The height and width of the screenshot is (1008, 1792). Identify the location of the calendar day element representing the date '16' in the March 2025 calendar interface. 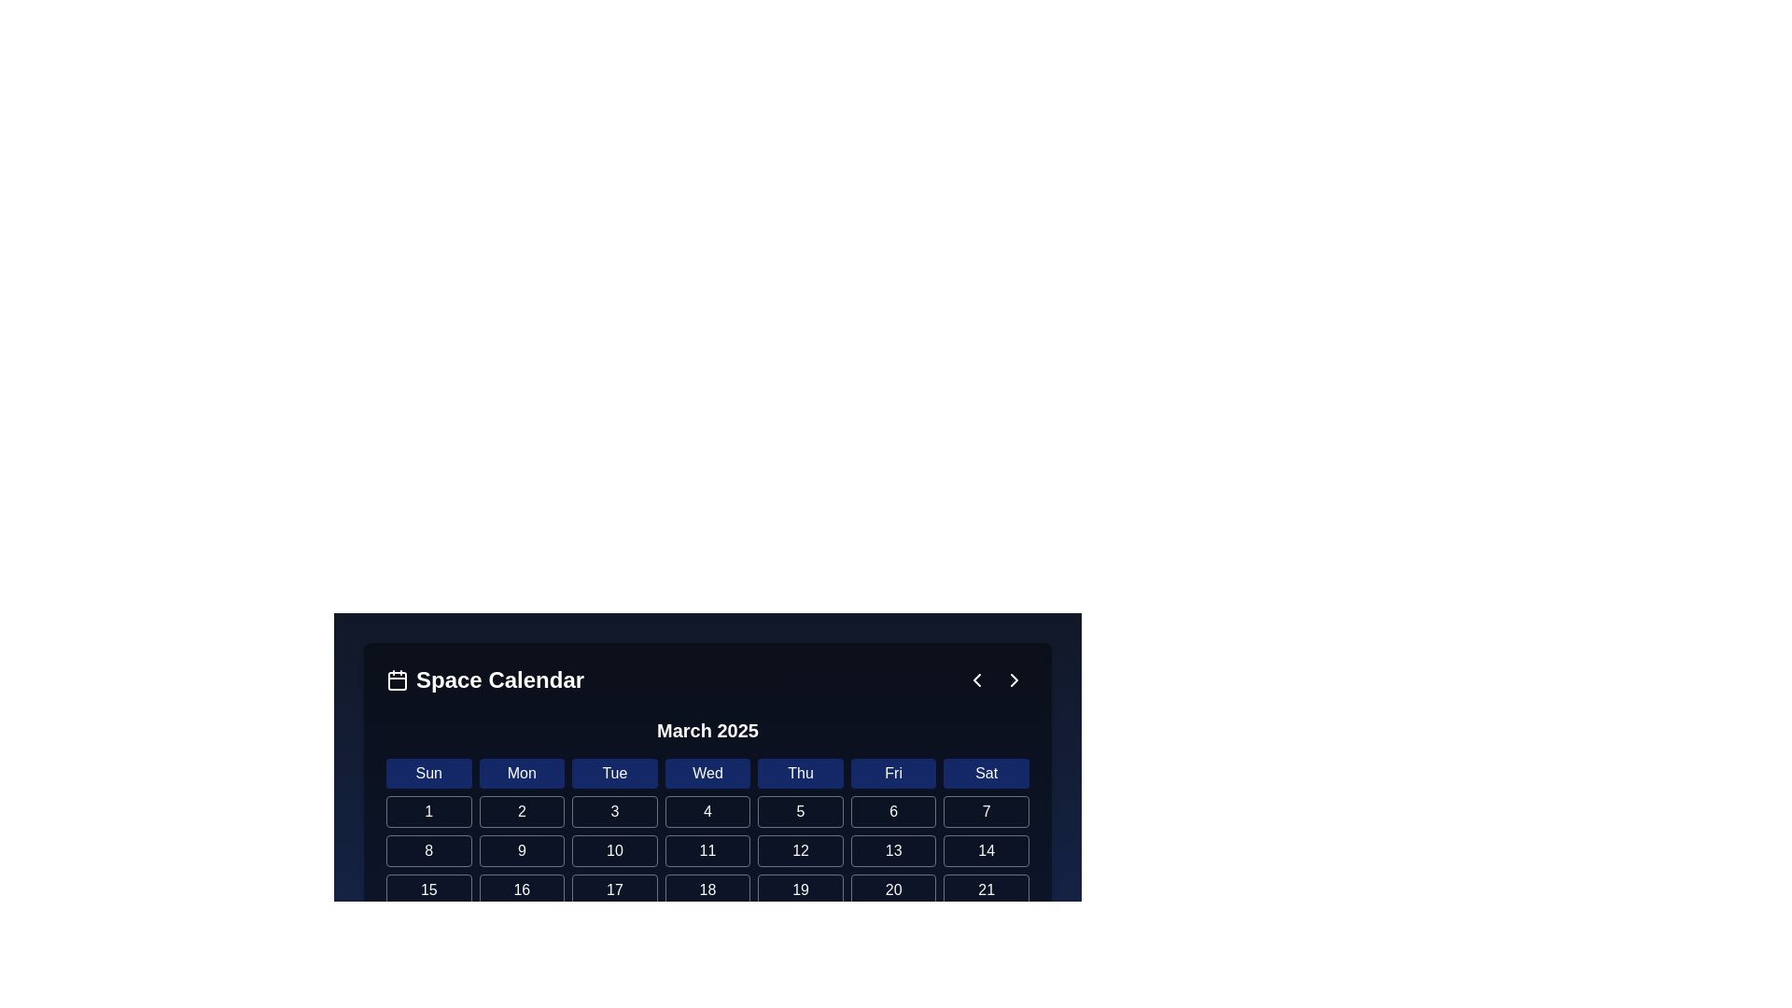
(522, 889).